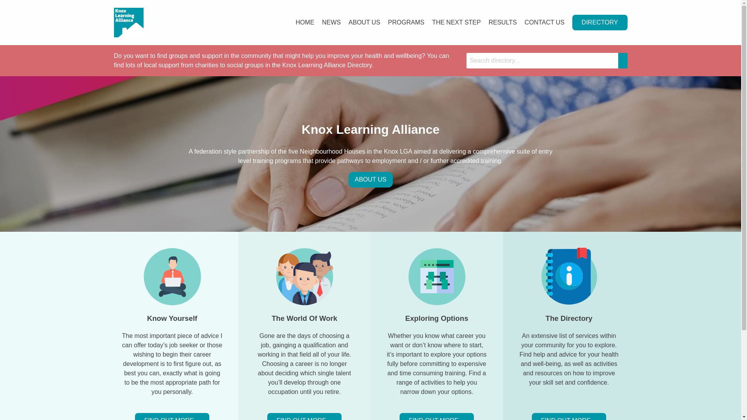  What do you see at coordinates (599, 22) in the screenshot?
I see `'DIRECTORY'` at bounding box center [599, 22].